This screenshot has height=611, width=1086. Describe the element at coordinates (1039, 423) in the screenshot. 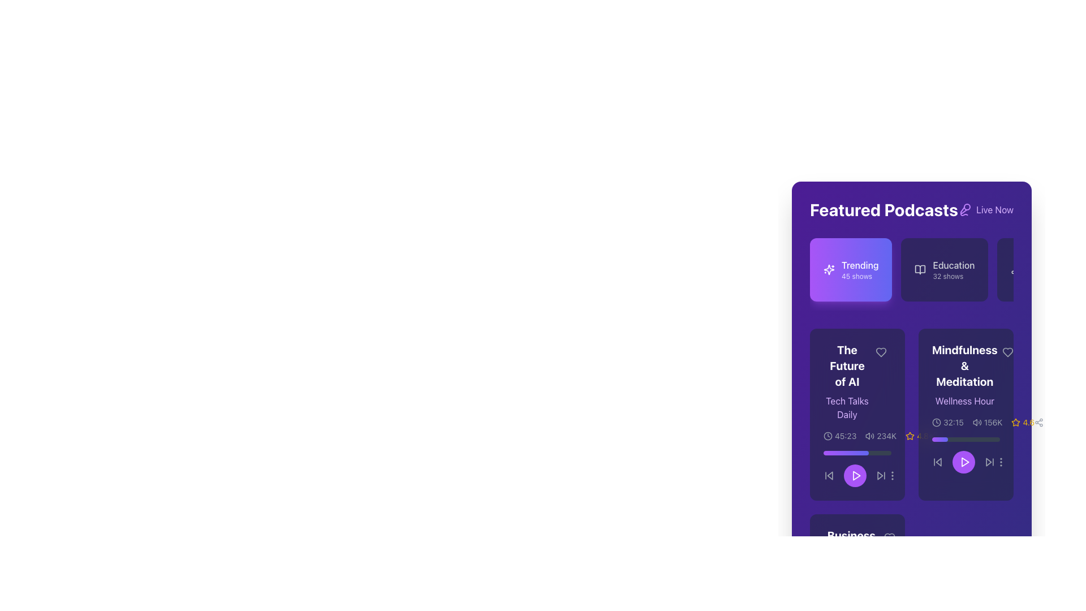

I see `the circular share icon button located` at that location.